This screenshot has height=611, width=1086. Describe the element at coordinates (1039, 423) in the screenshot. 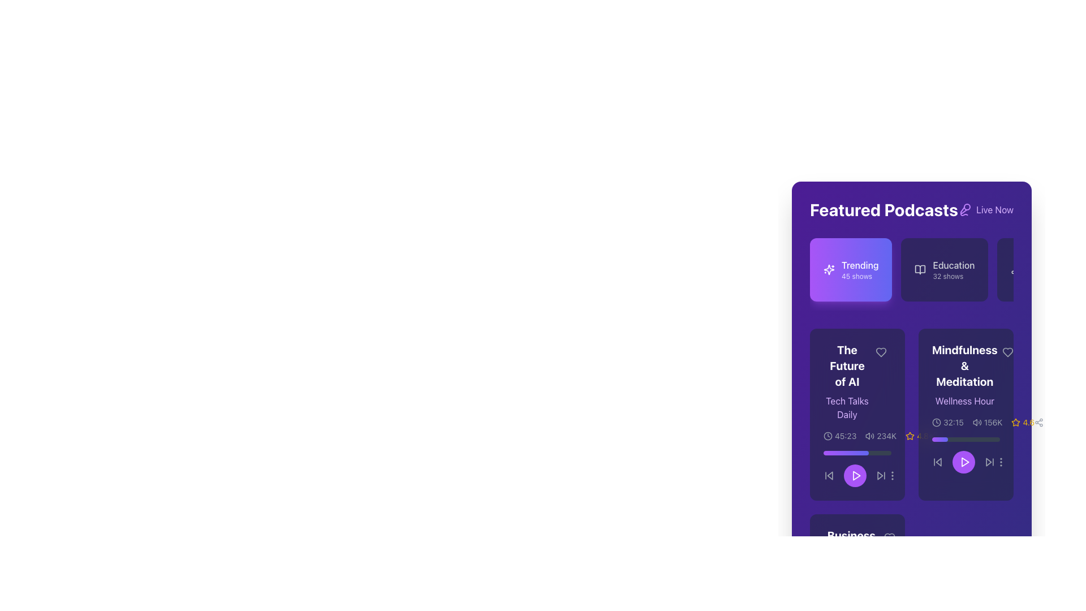

I see `the circular share icon button located` at that location.